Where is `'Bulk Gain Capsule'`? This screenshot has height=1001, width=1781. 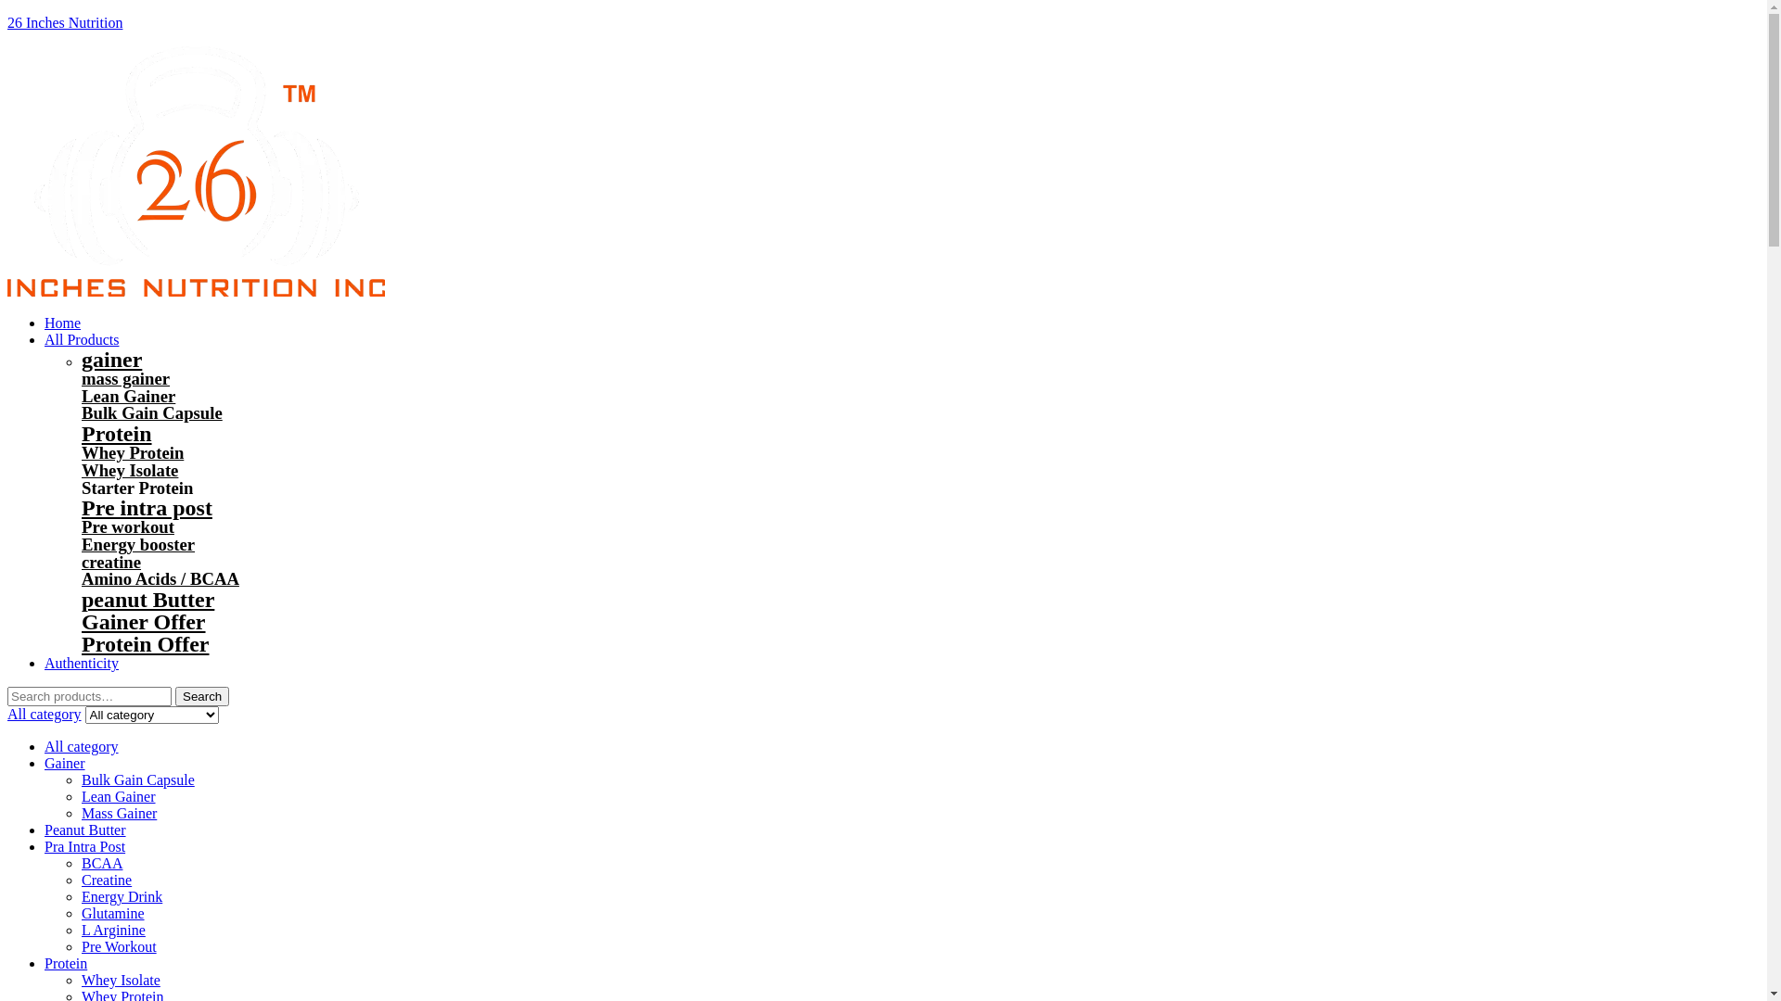
'Bulk Gain Capsule' is located at coordinates (136, 779).